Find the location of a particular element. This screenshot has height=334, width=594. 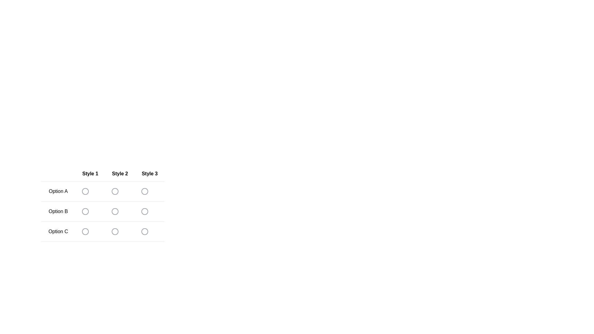

the text label that serves as a descriptor for the corresponding row, located below 'Option B' and above the next component is located at coordinates (58, 231).